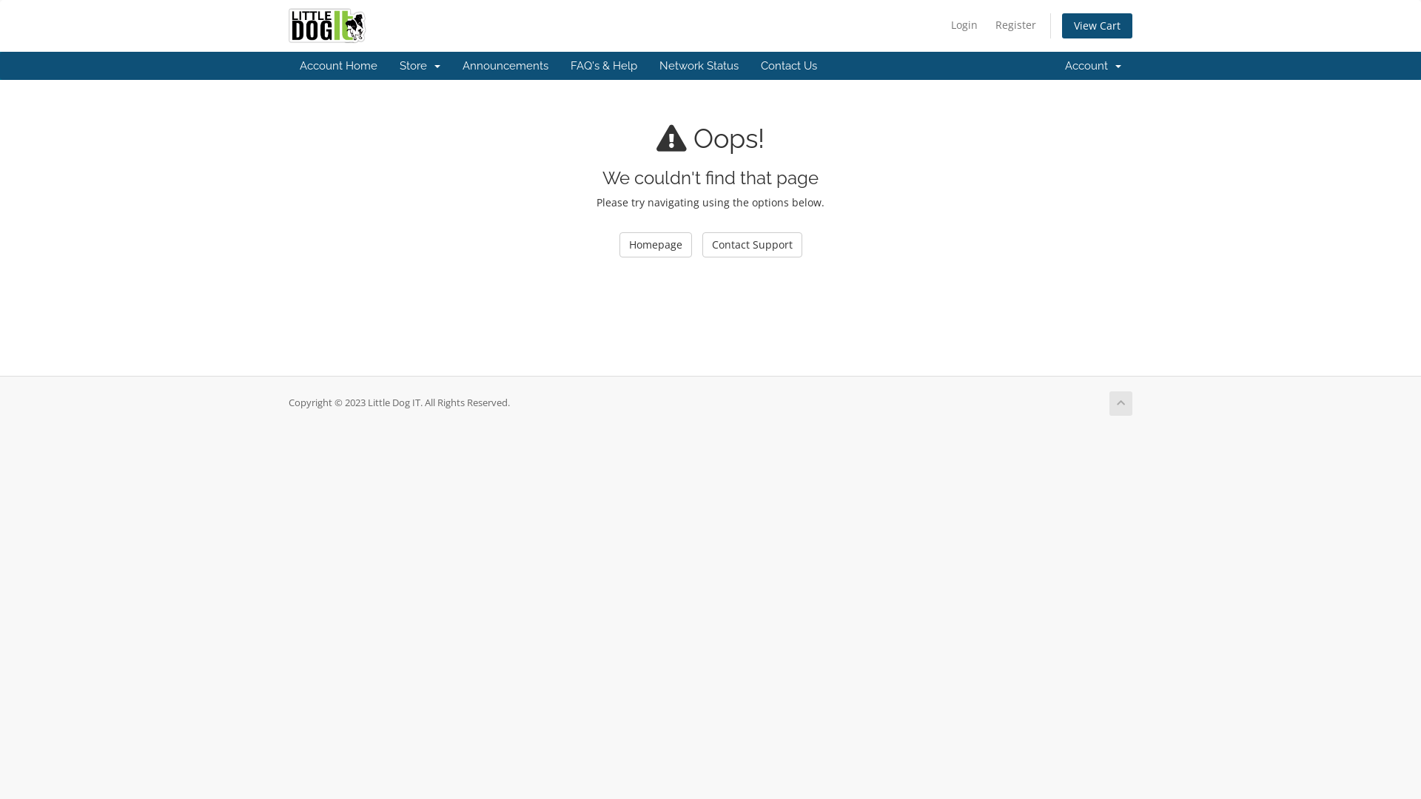  What do you see at coordinates (450, 64) in the screenshot?
I see `'Announcements'` at bounding box center [450, 64].